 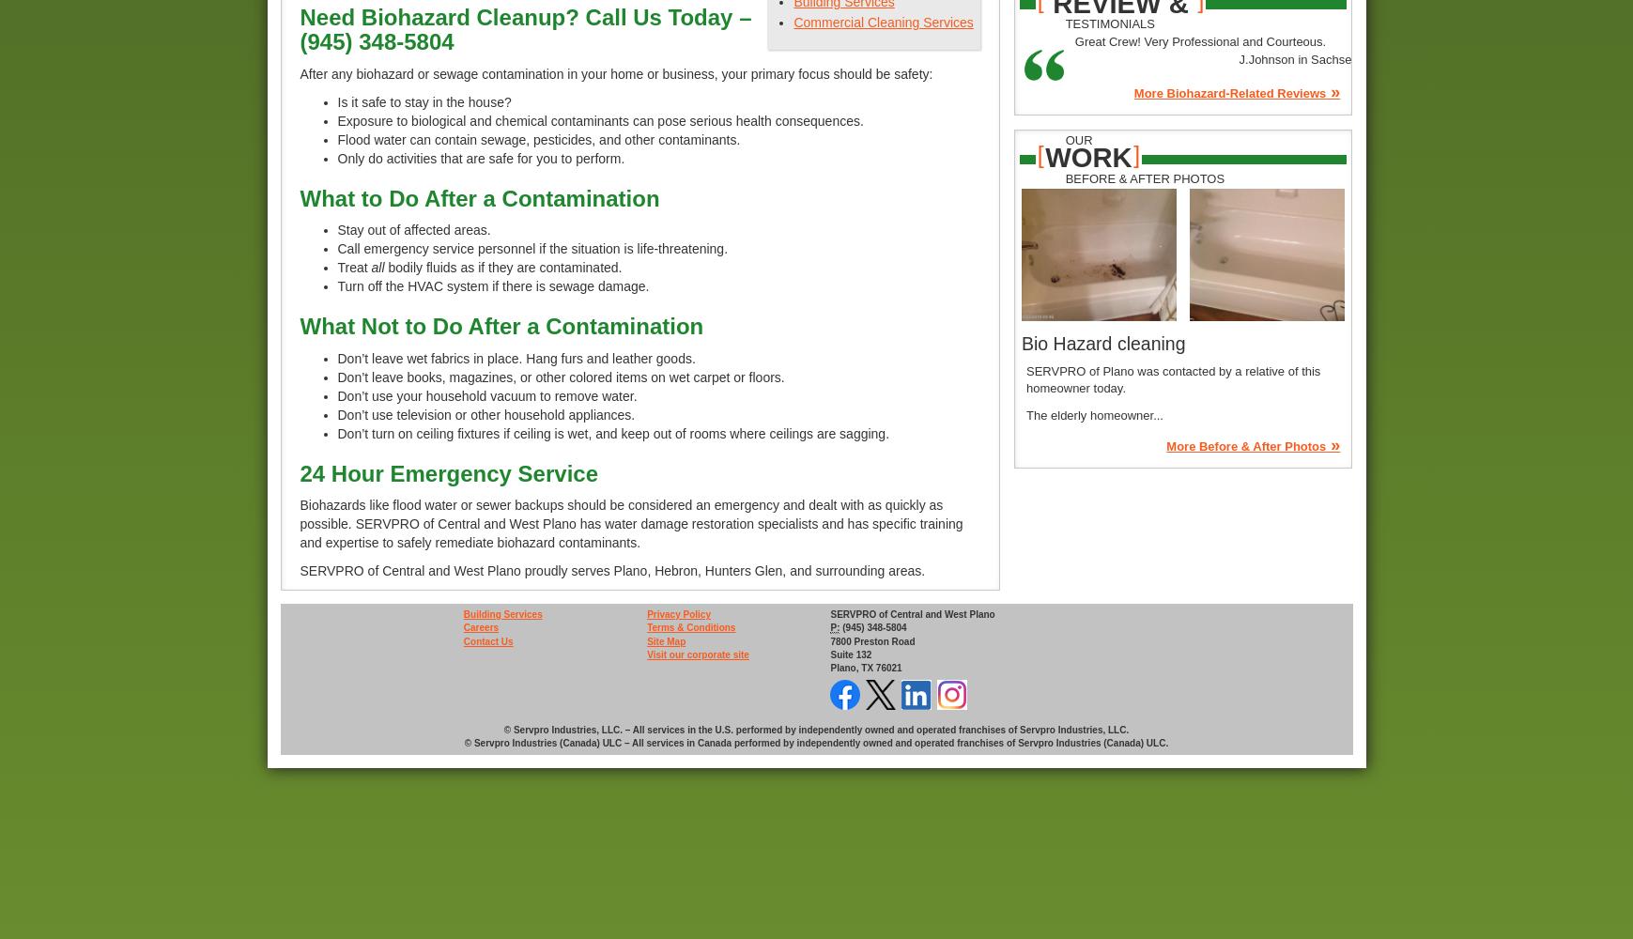 What do you see at coordinates (1164, 445) in the screenshot?
I see `'More Before & After Photos'` at bounding box center [1164, 445].